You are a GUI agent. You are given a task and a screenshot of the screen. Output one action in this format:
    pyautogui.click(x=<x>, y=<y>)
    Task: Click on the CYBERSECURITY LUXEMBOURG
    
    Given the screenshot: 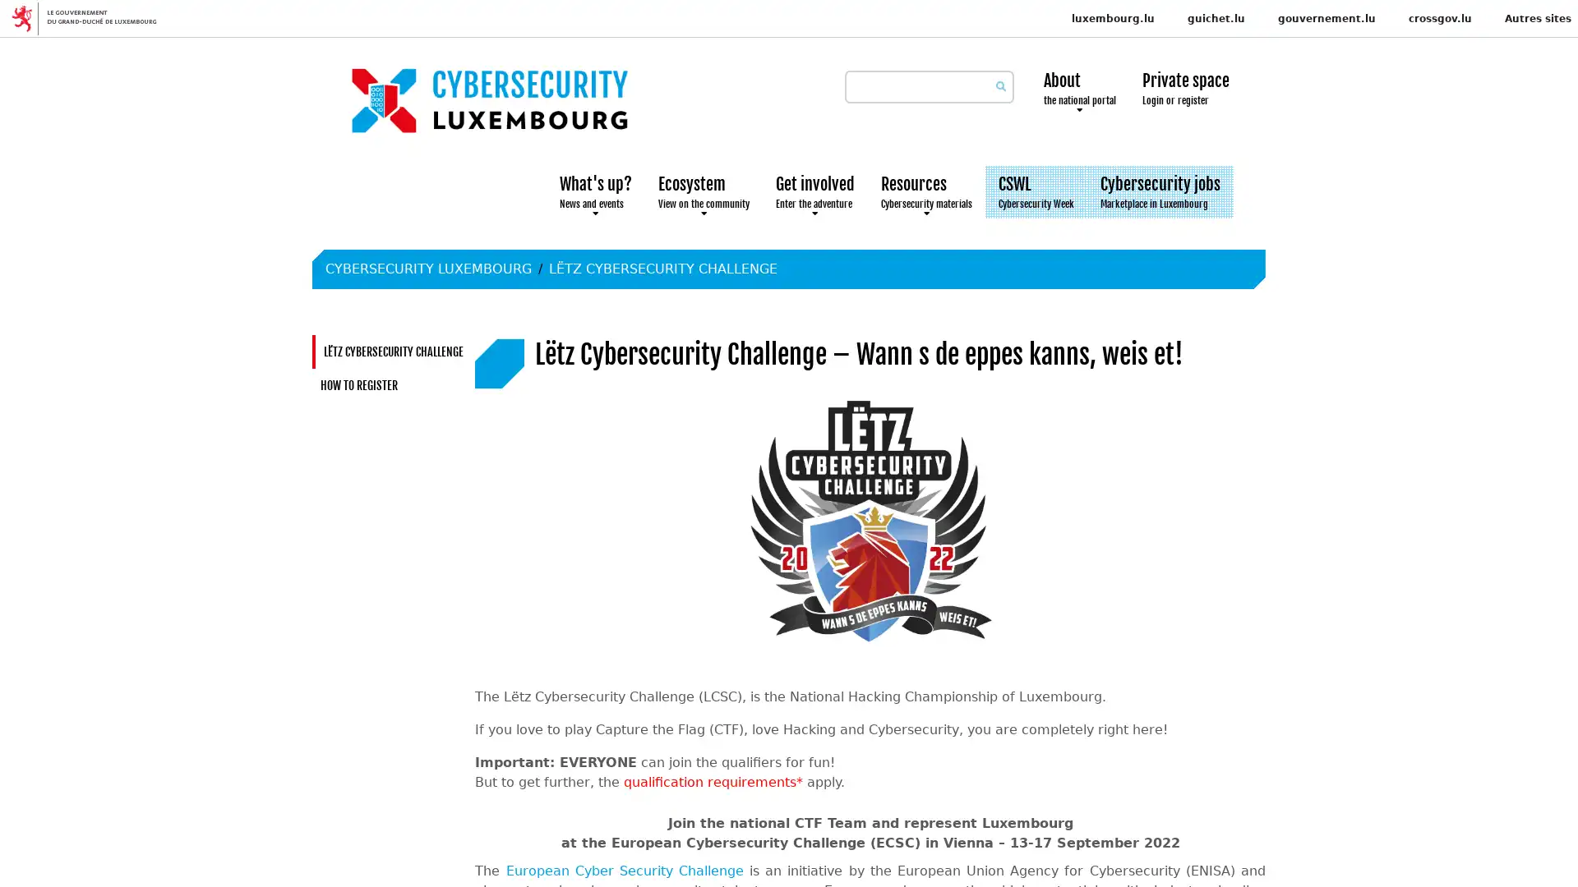 What is the action you would take?
    pyautogui.click(x=428, y=268)
    